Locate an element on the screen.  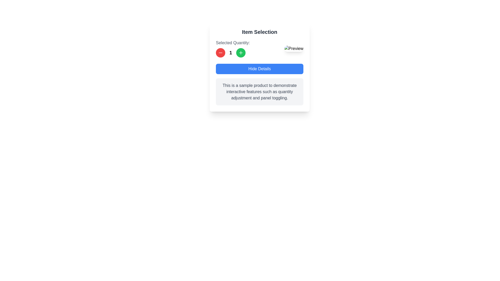
the decrement button located to the left of the quantity value '1' in the 'Selected Quantity' section to reduce the selected quantity by one is located at coordinates (220, 53).